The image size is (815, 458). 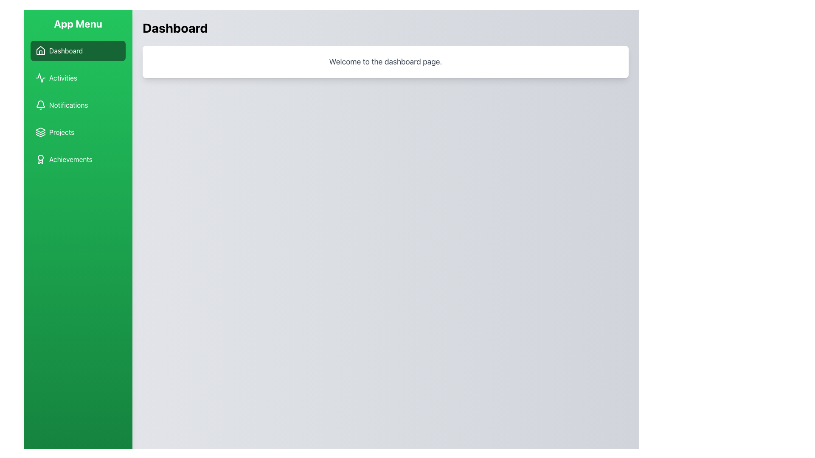 I want to click on the 'Achievements' icon in the sidebar menu, so click(x=40, y=159).